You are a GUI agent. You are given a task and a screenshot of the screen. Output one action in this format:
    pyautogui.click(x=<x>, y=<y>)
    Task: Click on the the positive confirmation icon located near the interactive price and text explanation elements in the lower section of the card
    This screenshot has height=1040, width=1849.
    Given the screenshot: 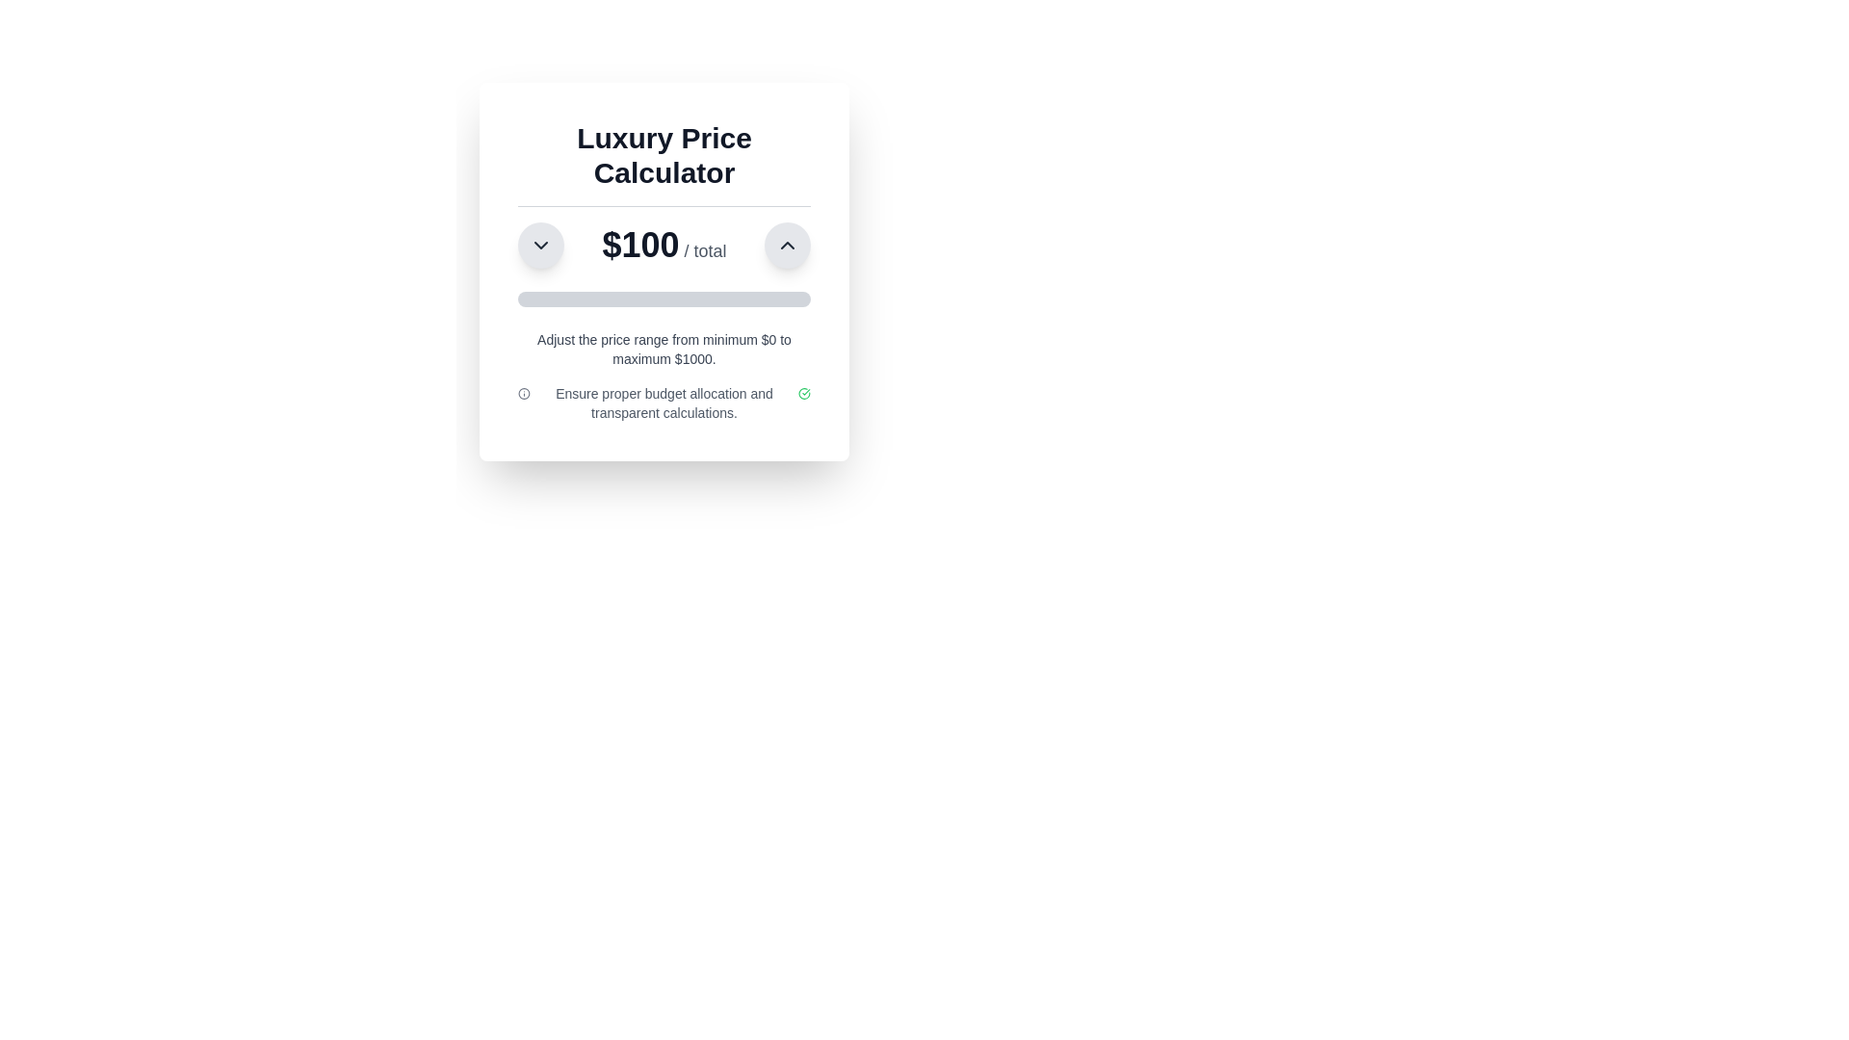 What is the action you would take?
    pyautogui.click(x=804, y=392)
    